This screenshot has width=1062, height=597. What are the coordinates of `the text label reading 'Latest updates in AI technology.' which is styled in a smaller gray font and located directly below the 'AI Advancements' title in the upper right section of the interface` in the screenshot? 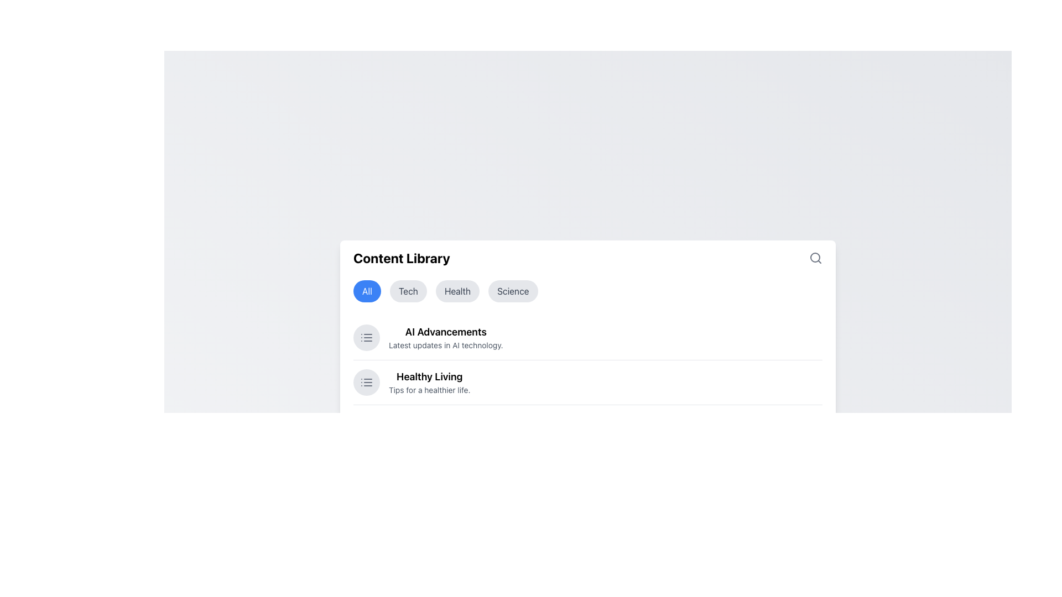 It's located at (446, 344).